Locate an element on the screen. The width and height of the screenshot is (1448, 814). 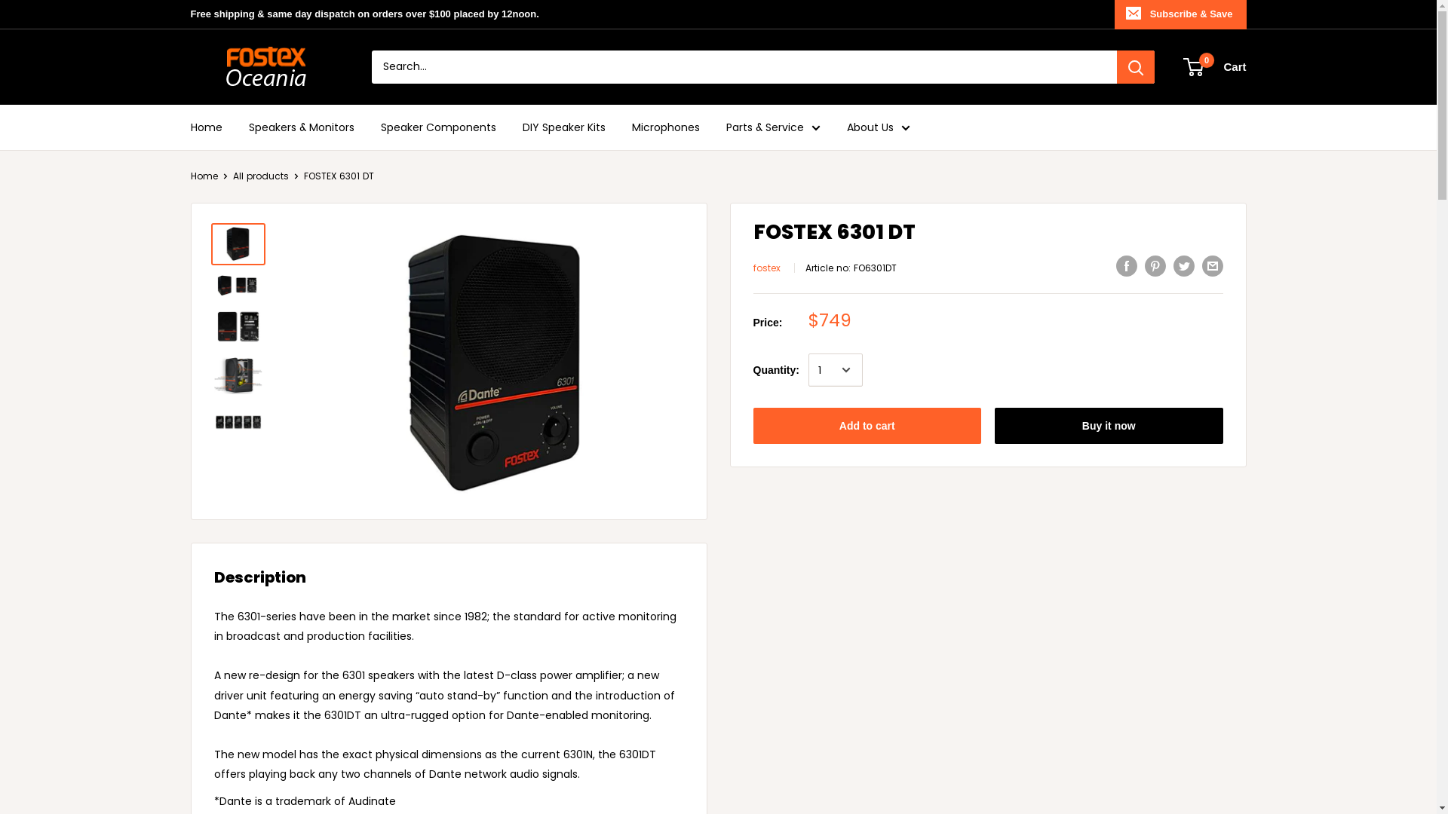
'Speakers & Monitors' is located at coordinates (301, 127).